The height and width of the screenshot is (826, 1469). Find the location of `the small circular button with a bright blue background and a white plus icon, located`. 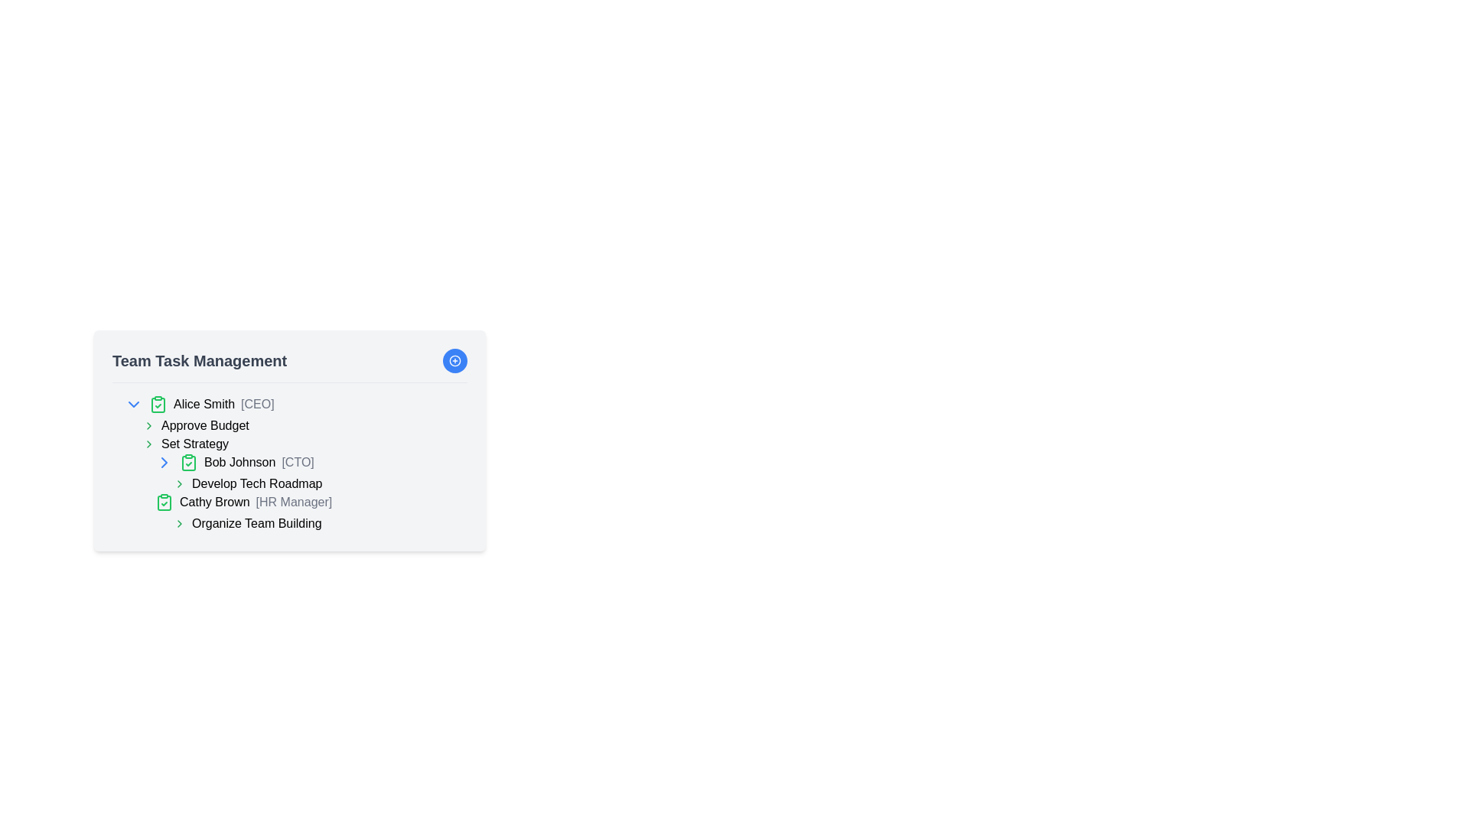

the small circular button with a bright blue background and a white plus icon, located is located at coordinates (454, 360).